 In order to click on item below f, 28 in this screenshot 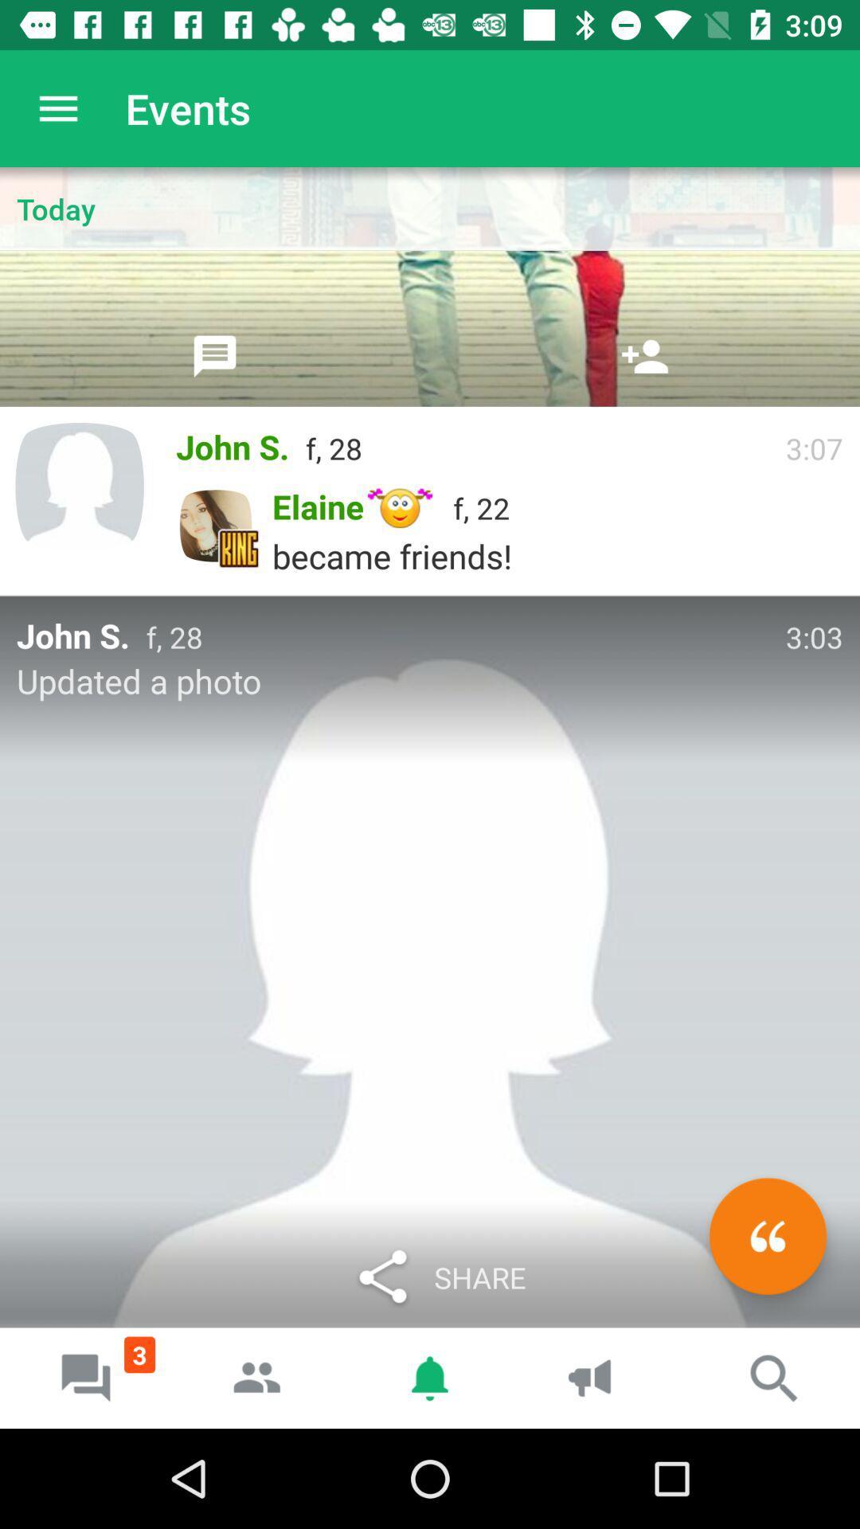, I will do `click(767, 1235)`.